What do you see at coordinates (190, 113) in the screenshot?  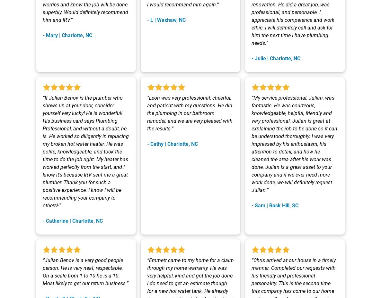 I see `'“Leon was very professional, cheerful, and patient with my questions. He did the plumbing in our bathroom remodel, and we are very pleased with the results.”'` at bounding box center [190, 113].